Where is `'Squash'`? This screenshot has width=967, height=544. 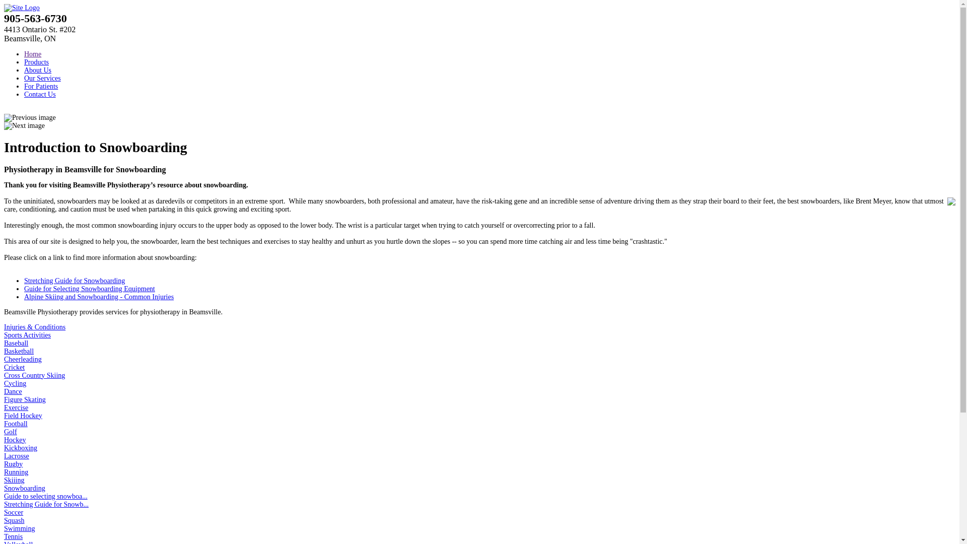 'Squash' is located at coordinates (14, 520).